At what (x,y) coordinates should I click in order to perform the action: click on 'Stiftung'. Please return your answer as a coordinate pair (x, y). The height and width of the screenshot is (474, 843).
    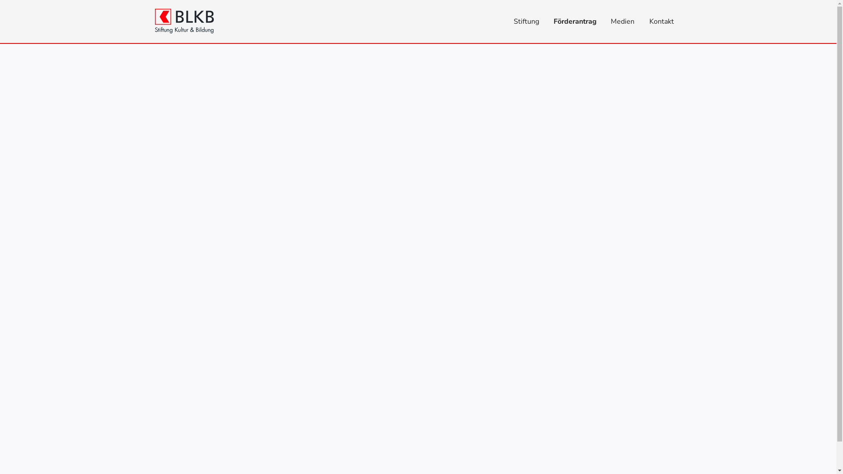
    Looking at the image, I should click on (506, 20).